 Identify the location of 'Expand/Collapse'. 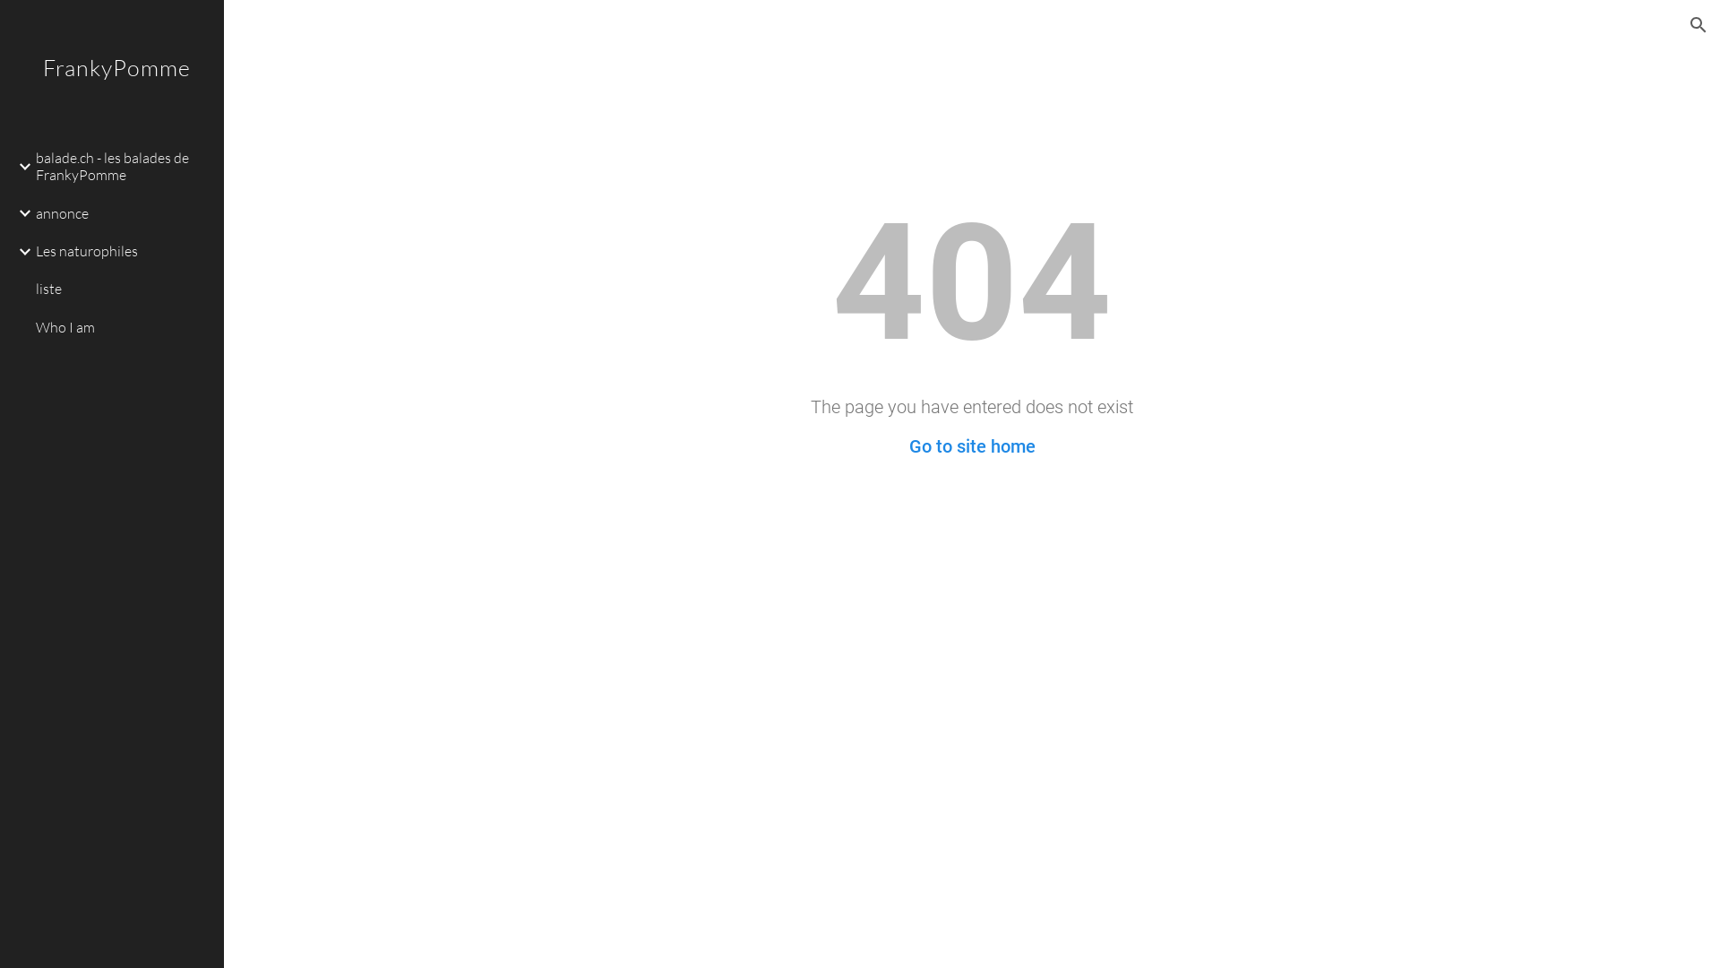
(20, 166).